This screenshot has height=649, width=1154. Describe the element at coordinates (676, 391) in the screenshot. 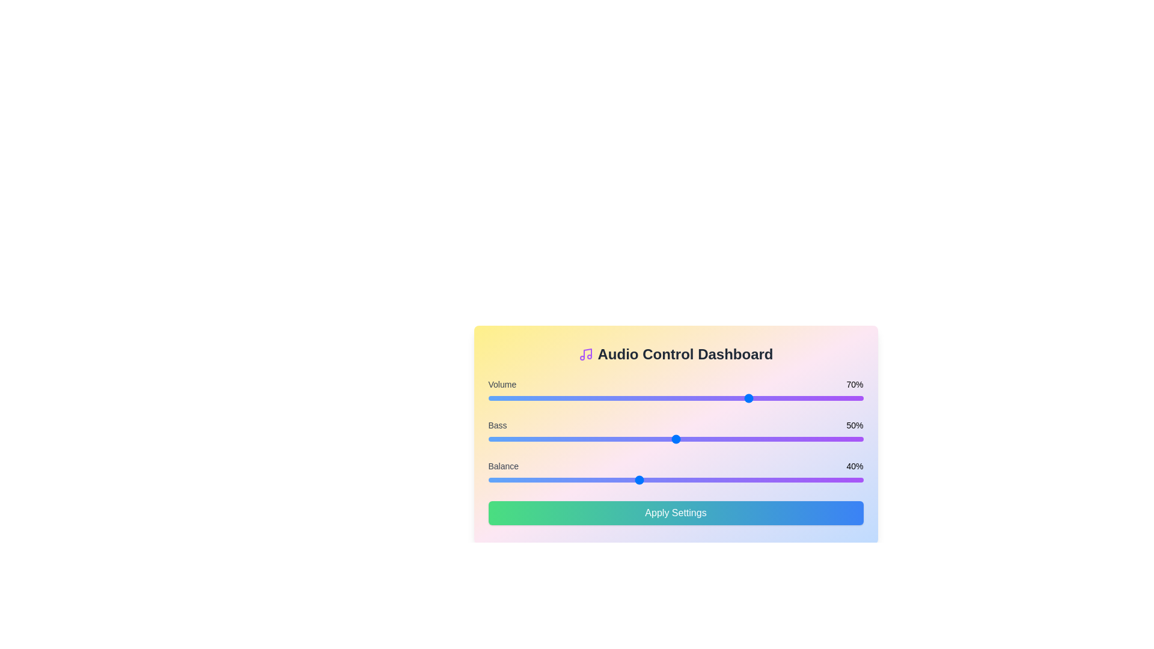

I see `the Volume Control Slider element, which features a label 'Volume', a percentage value of '70%', and a blue control indicator, to provide visual feedback` at that location.